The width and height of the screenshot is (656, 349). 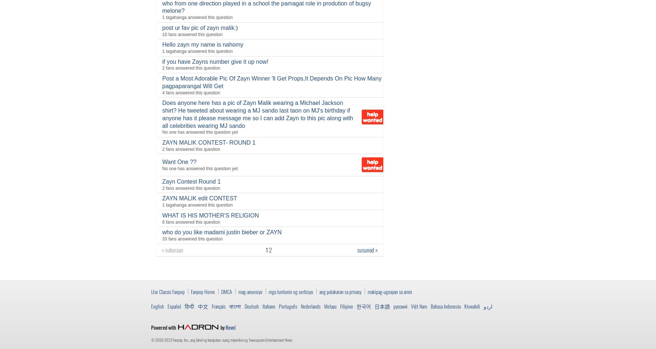 I want to click on '2', so click(x=270, y=249).